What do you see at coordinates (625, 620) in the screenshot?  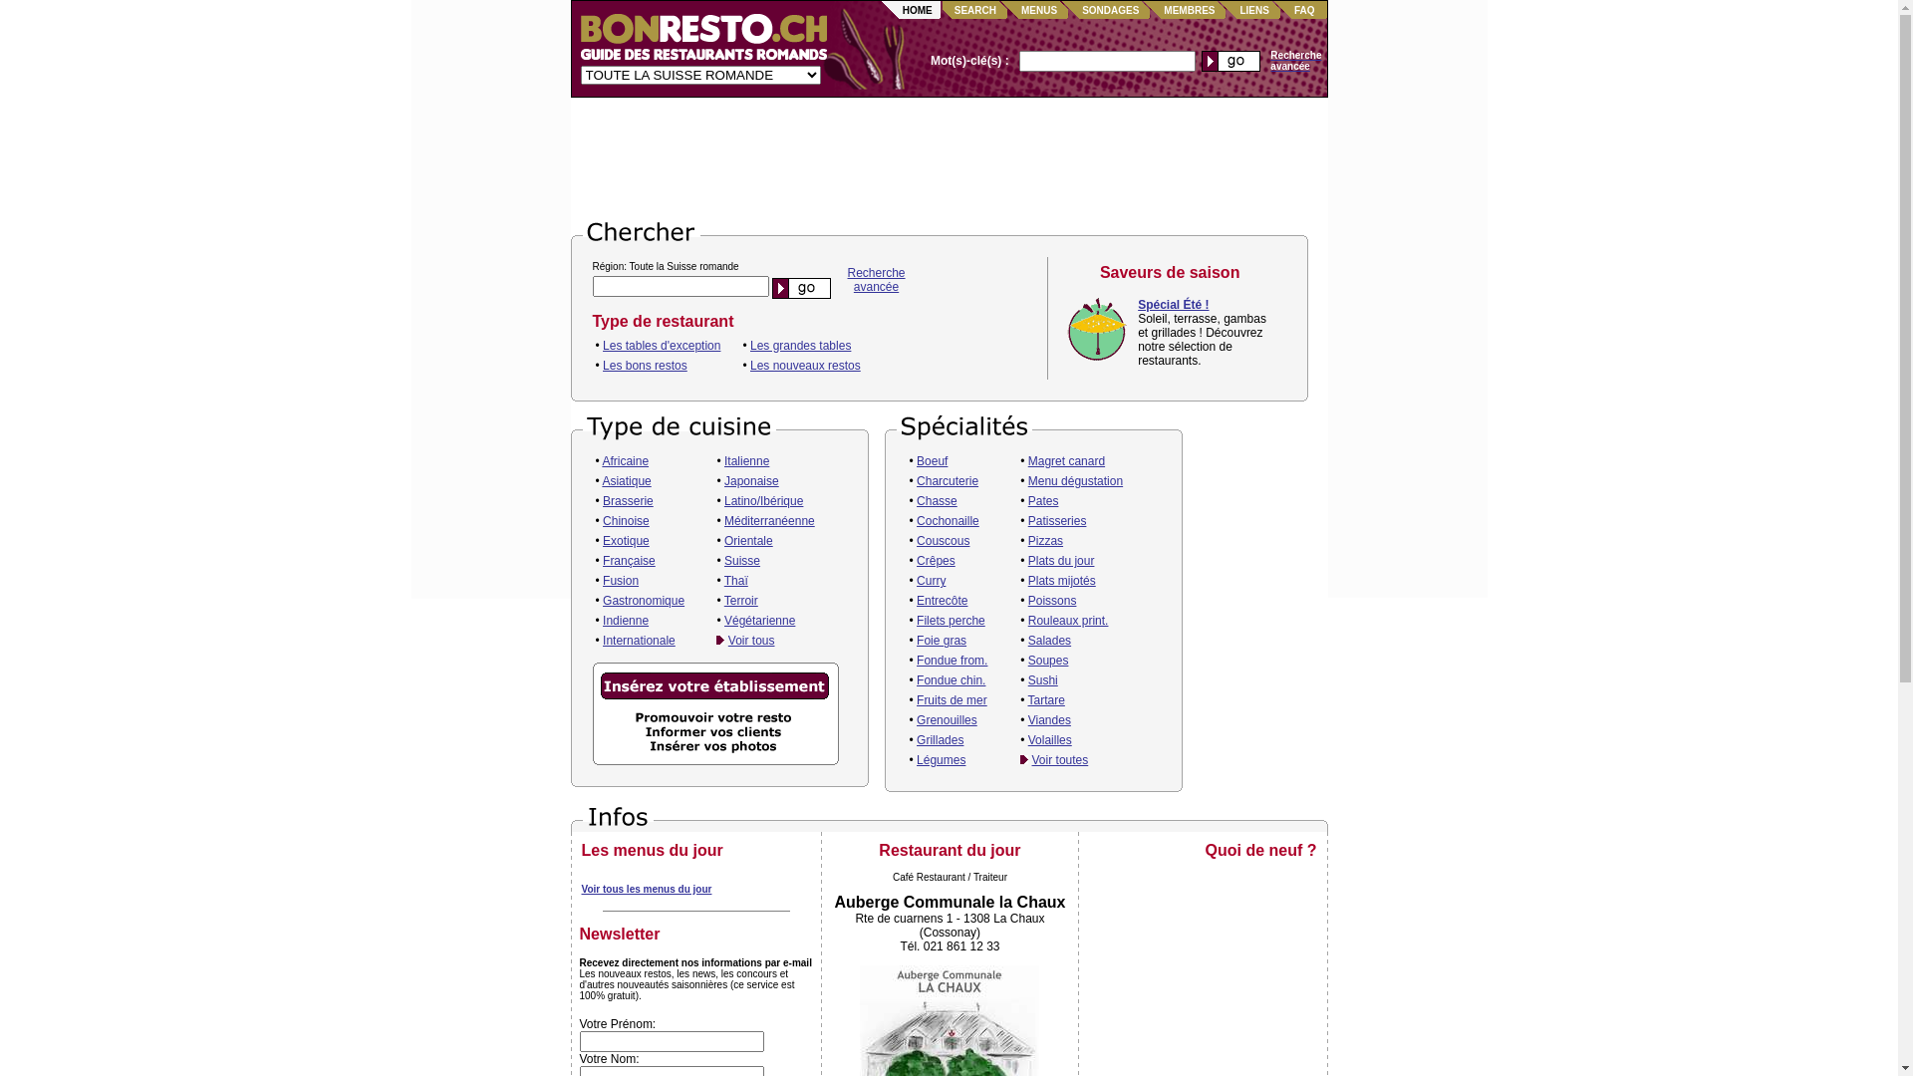 I see `'Indienne'` at bounding box center [625, 620].